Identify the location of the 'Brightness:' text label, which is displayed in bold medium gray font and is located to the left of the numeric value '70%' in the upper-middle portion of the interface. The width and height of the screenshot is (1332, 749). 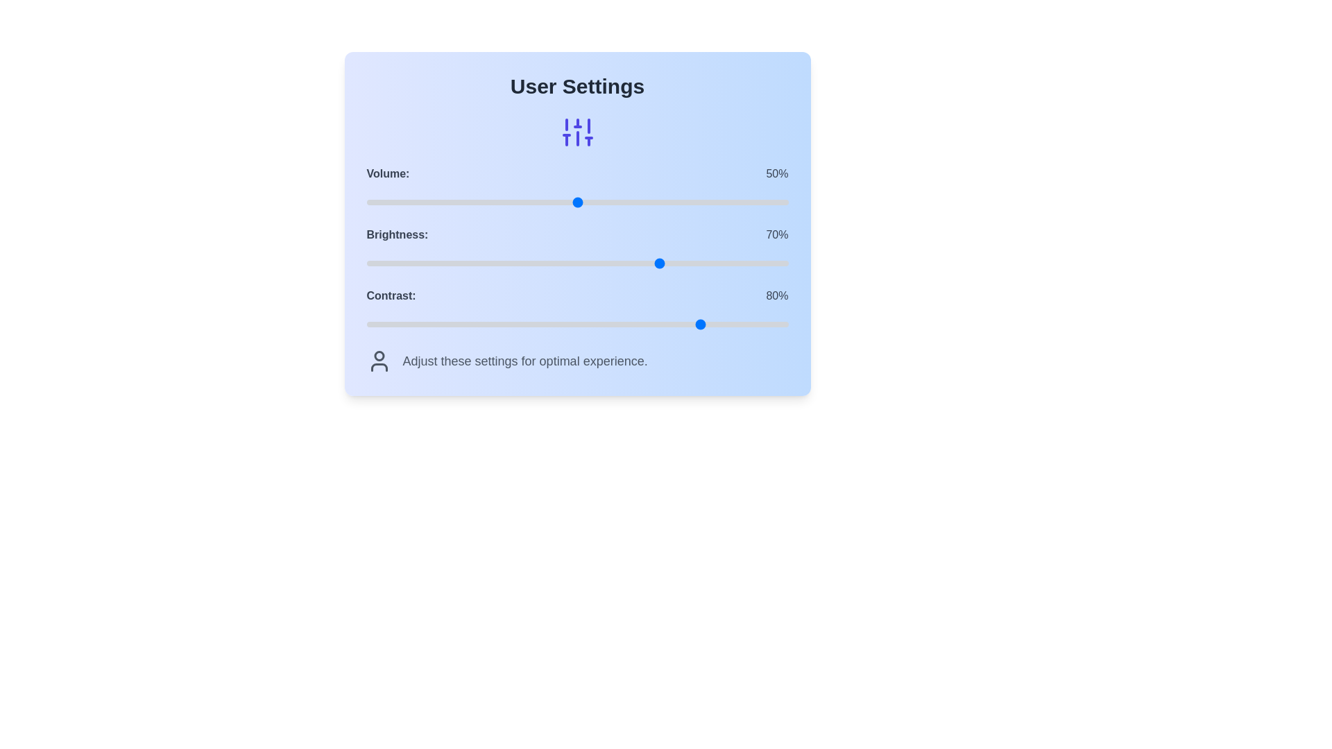
(396, 234).